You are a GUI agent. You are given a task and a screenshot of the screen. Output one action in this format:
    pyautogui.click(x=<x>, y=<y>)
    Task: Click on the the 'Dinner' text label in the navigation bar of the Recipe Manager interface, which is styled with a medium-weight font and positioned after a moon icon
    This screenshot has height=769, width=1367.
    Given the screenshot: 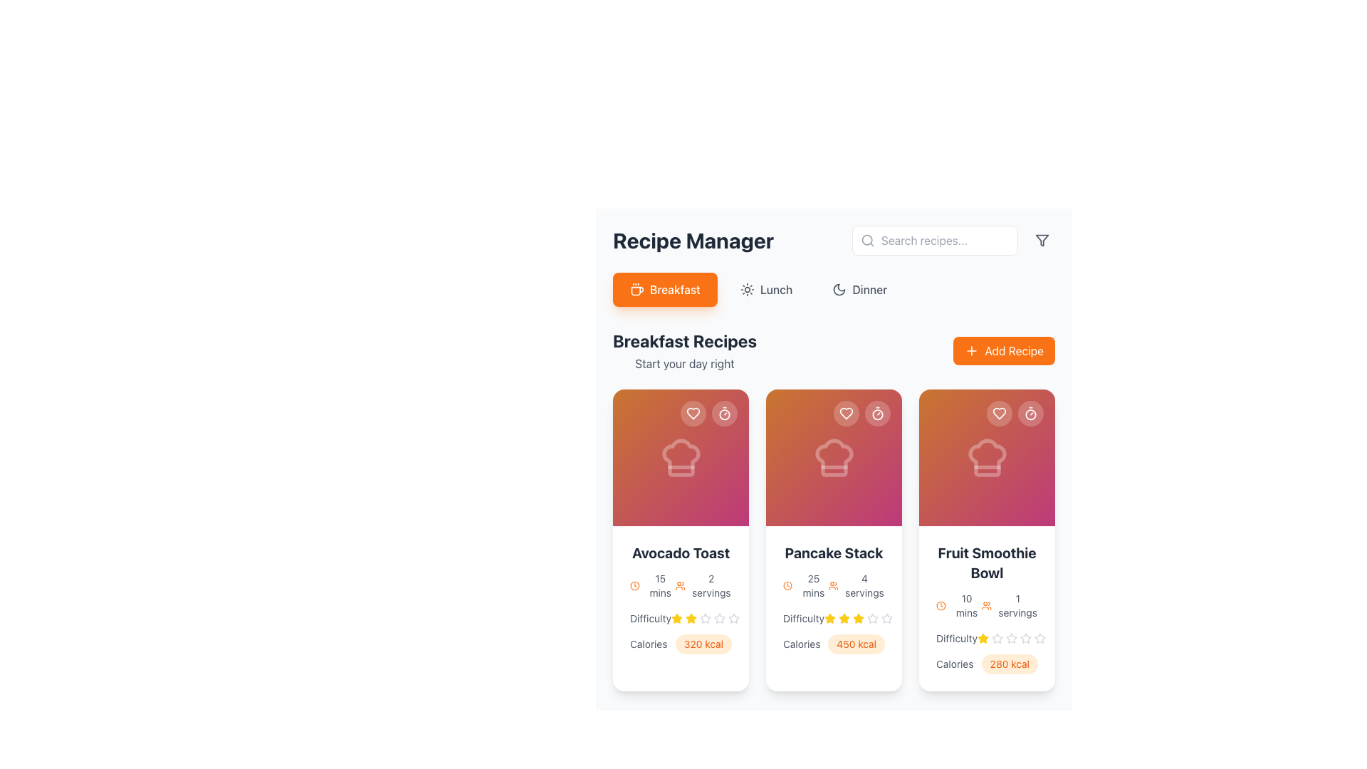 What is the action you would take?
    pyautogui.click(x=869, y=289)
    